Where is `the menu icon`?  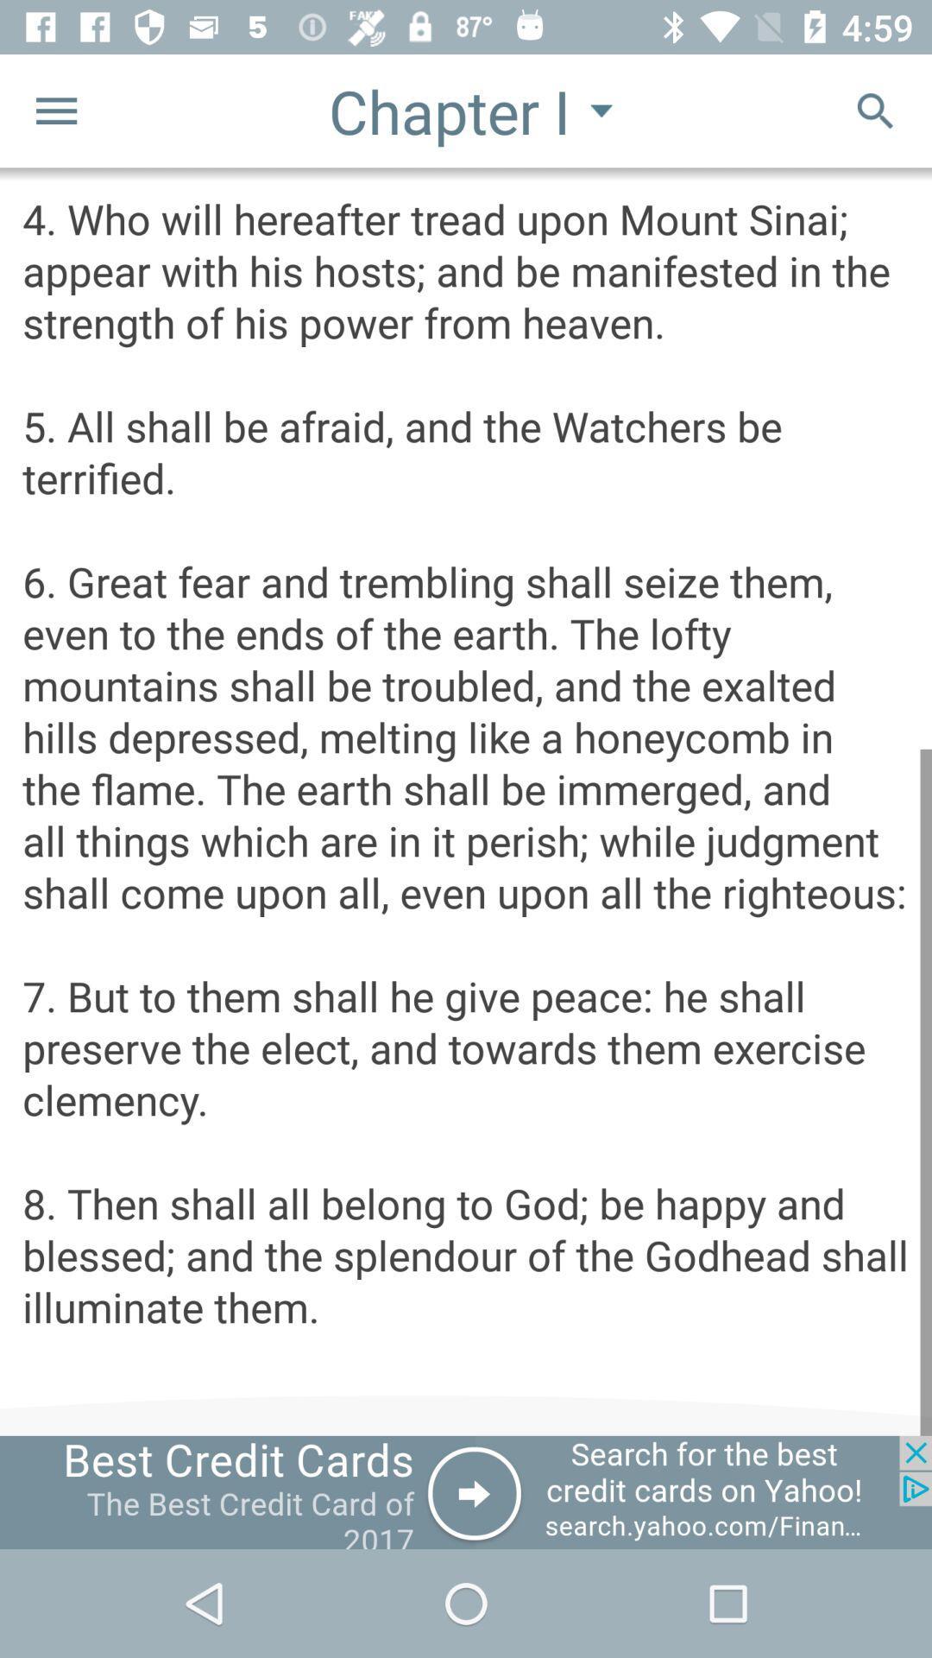
the menu icon is located at coordinates (55, 110).